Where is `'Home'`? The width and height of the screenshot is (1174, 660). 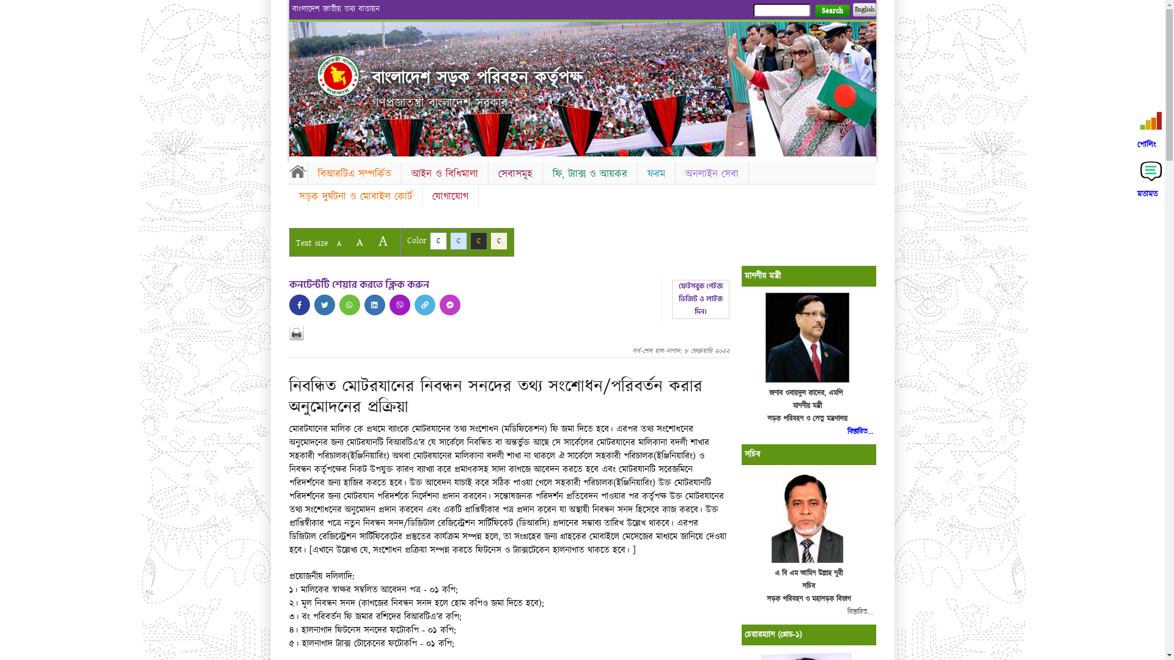 'Home' is located at coordinates (317, 75).